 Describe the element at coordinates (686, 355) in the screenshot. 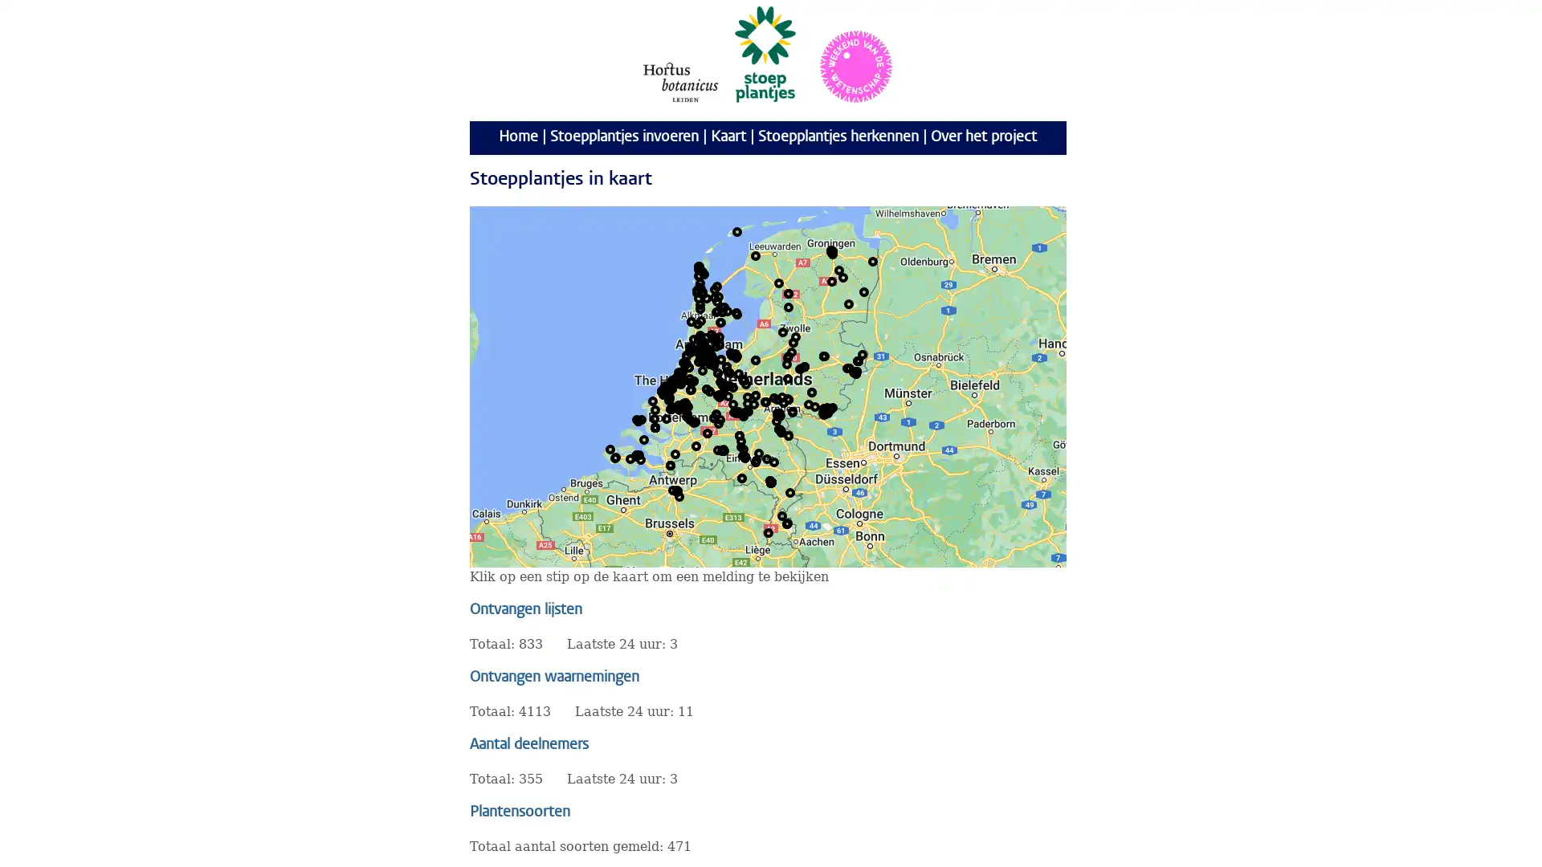

I see `Telling van Reinier Hopmans op 12 april 2022` at that location.